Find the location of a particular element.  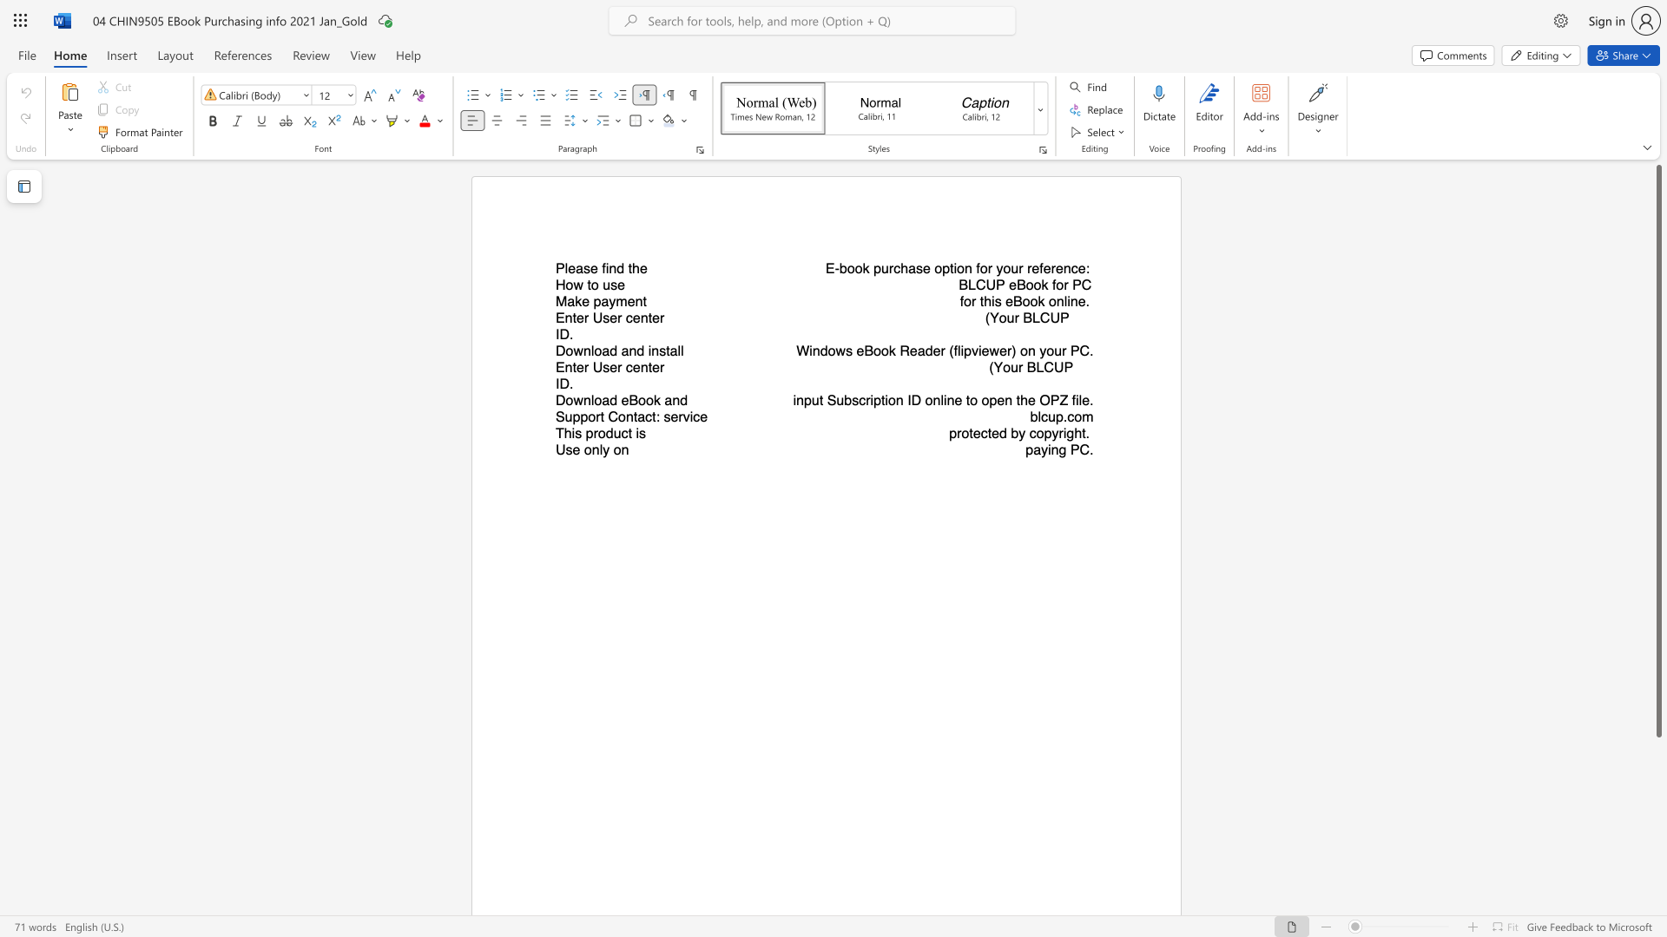

the subset text "put Subscription ID online to open the OPZ file" within the text "input Subscription ID online to open the OPZ file." is located at coordinates (803, 400).